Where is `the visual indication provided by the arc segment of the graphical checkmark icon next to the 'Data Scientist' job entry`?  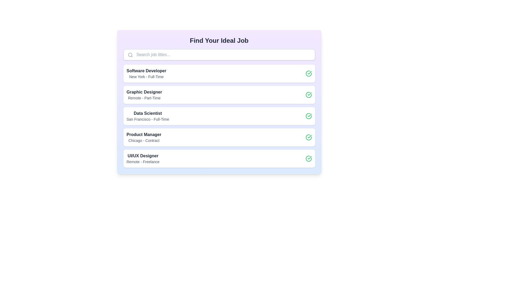 the visual indication provided by the arc segment of the graphical checkmark icon next to the 'Data Scientist' job entry is located at coordinates (308, 116).